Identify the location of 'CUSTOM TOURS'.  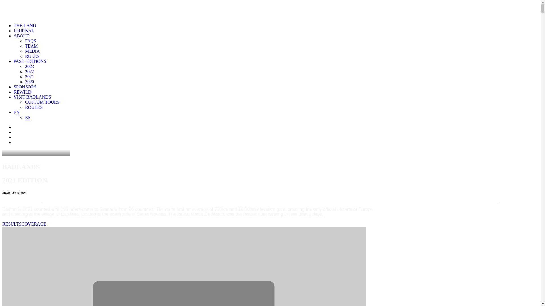
(42, 102).